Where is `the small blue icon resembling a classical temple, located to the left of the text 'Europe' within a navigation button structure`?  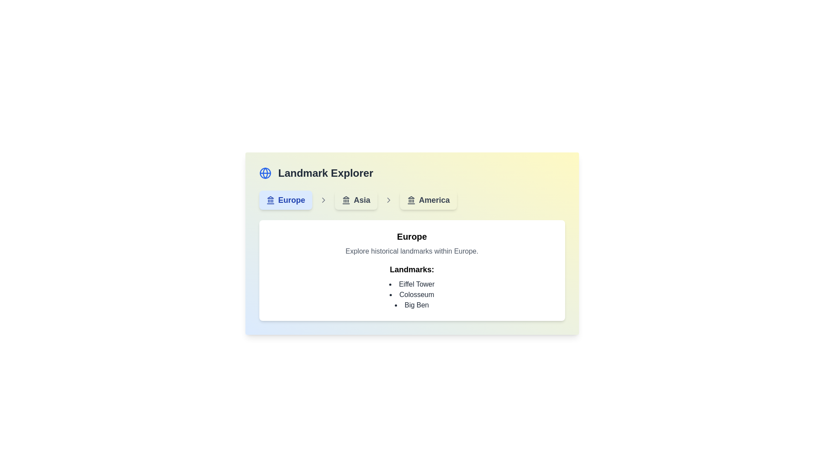
the small blue icon resembling a classical temple, located to the left of the text 'Europe' within a navigation button structure is located at coordinates (270, 200).